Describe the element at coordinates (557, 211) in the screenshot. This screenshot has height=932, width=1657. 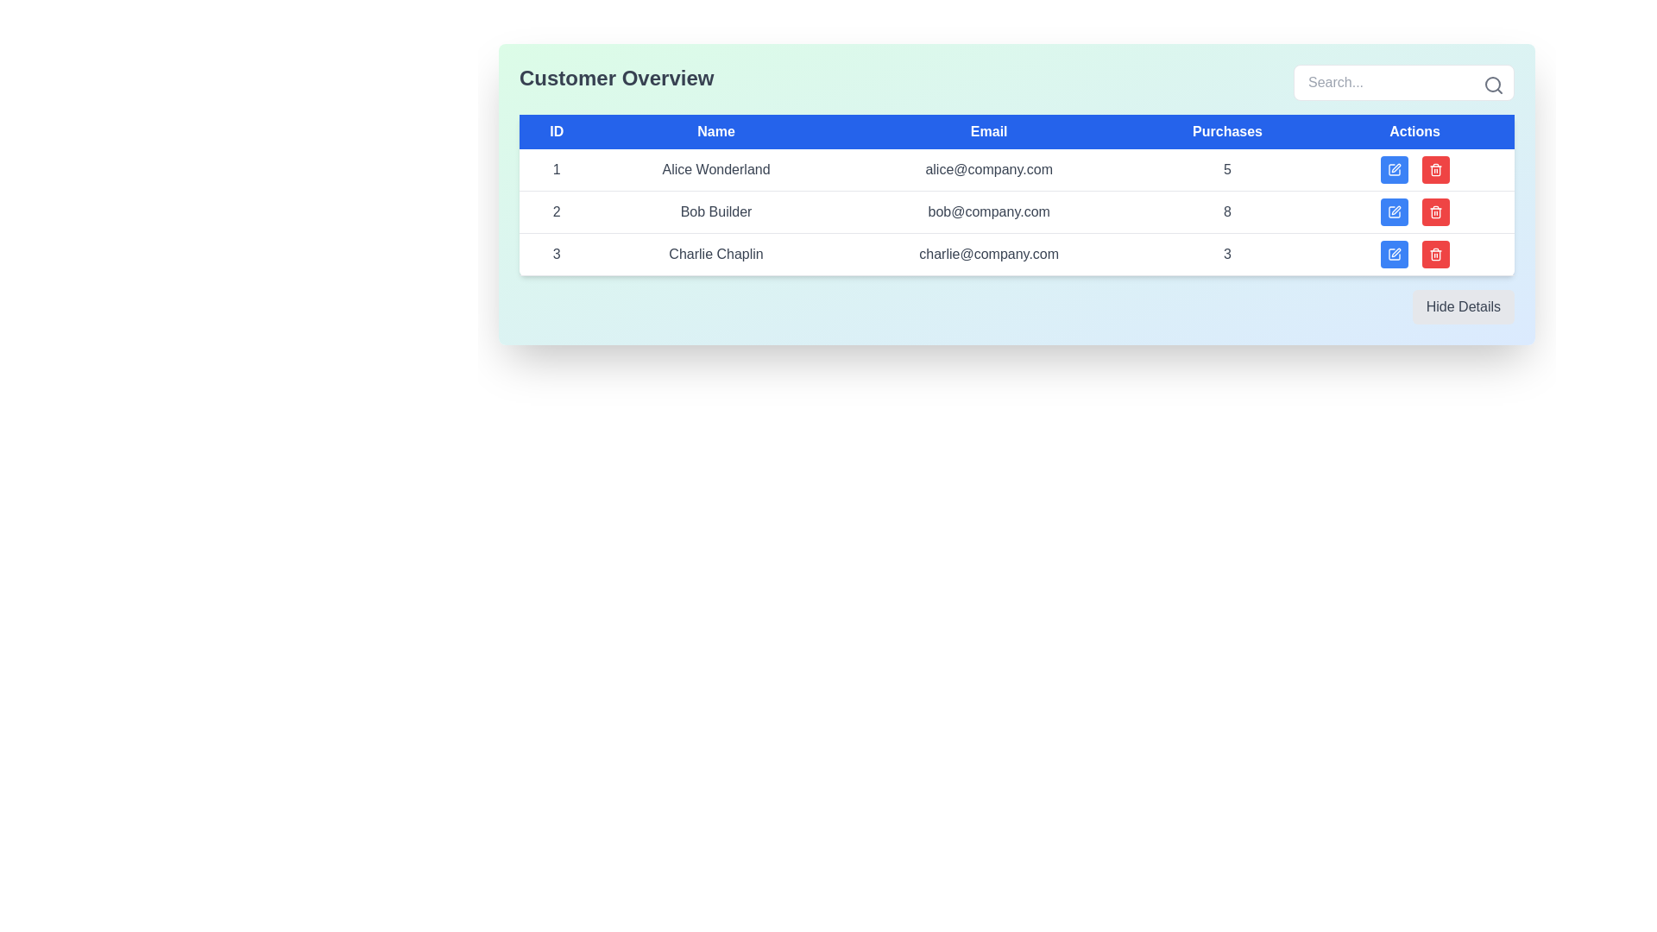
I see `text display element showing the value '2' located in the second row of the table under the 'ID' column` at that location.